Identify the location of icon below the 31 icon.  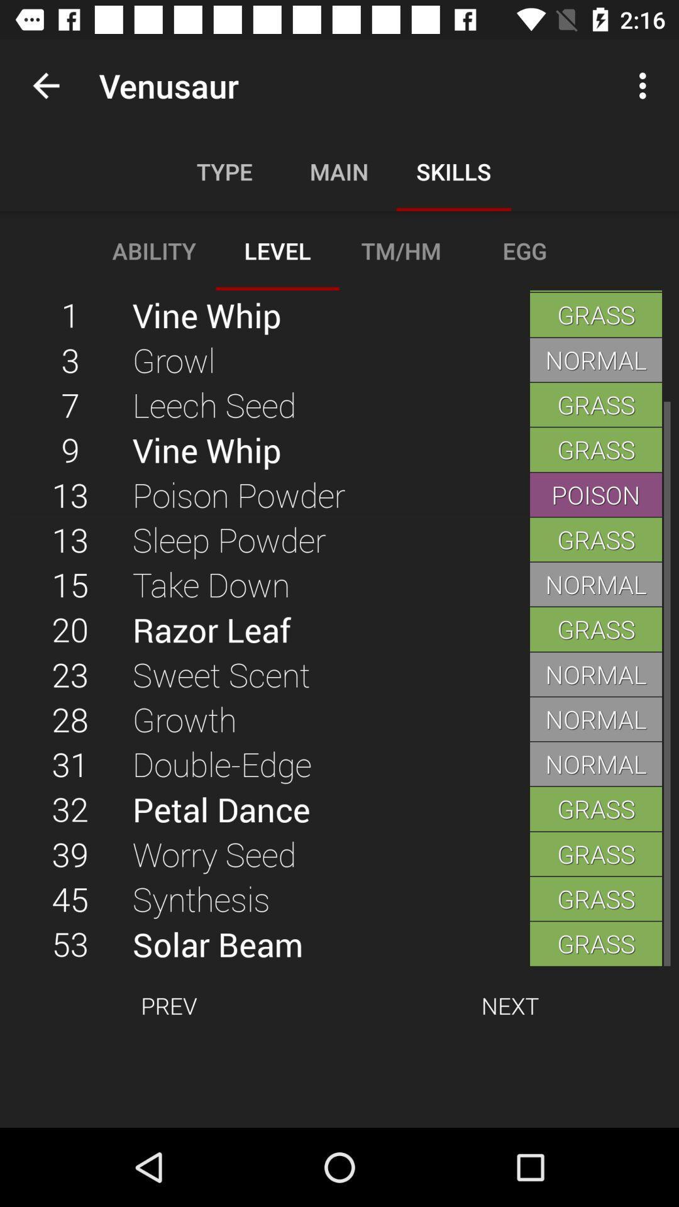
(70, 808).